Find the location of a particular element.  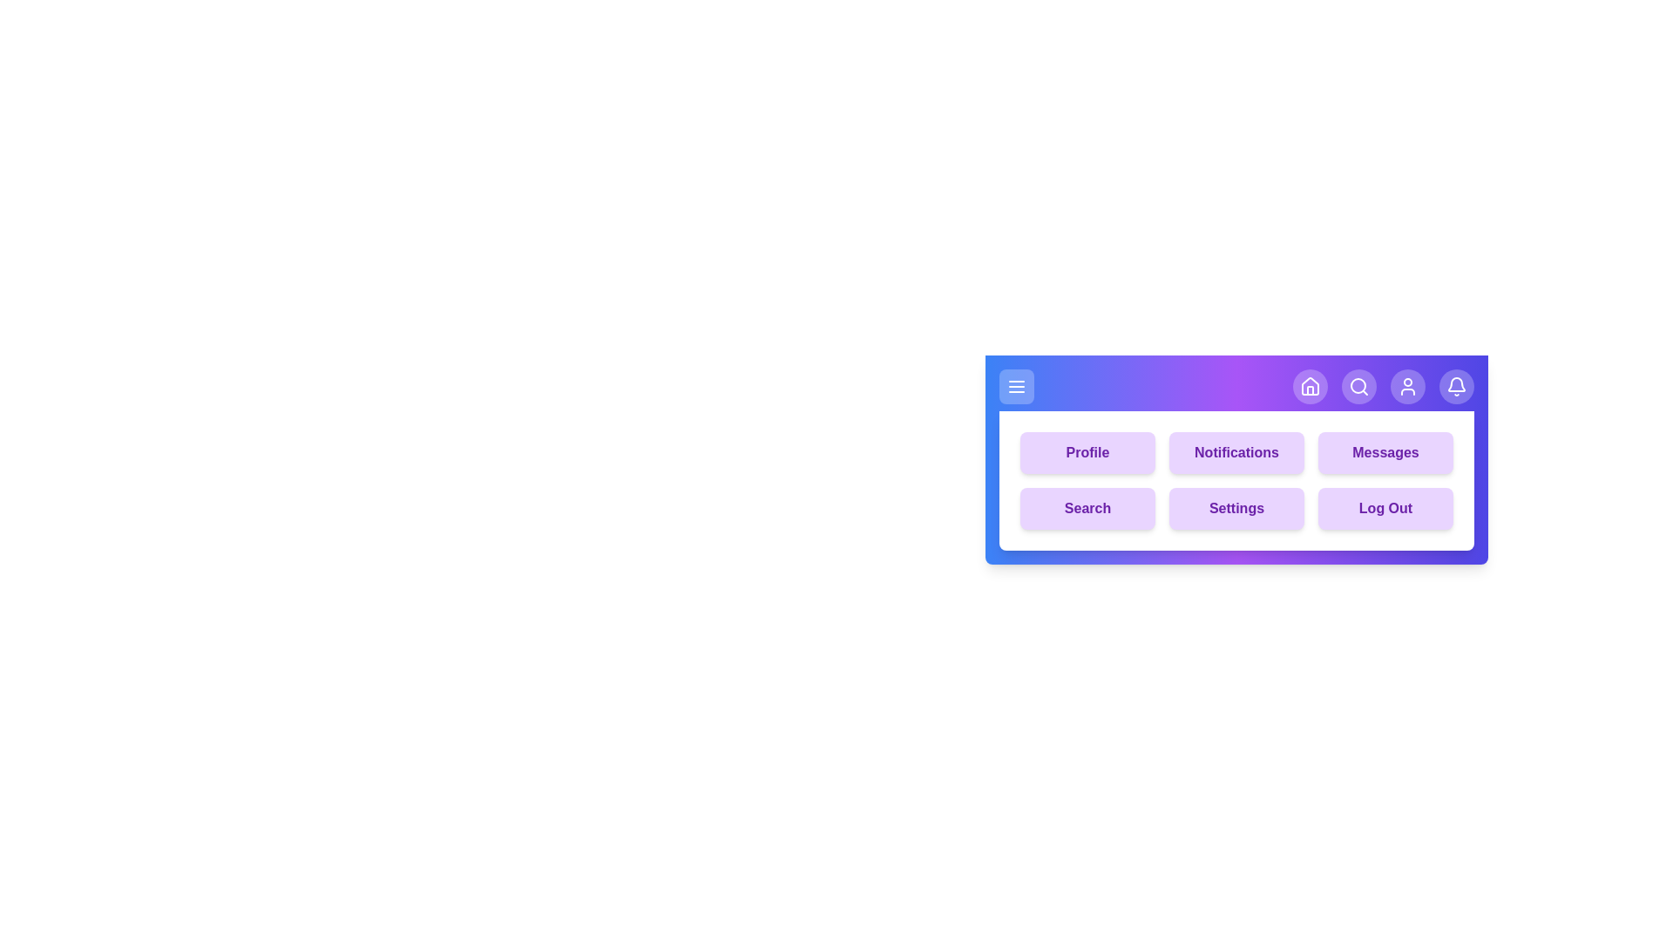

the menu button to toggle the menu visibility is located at coordinates (1016, 385).